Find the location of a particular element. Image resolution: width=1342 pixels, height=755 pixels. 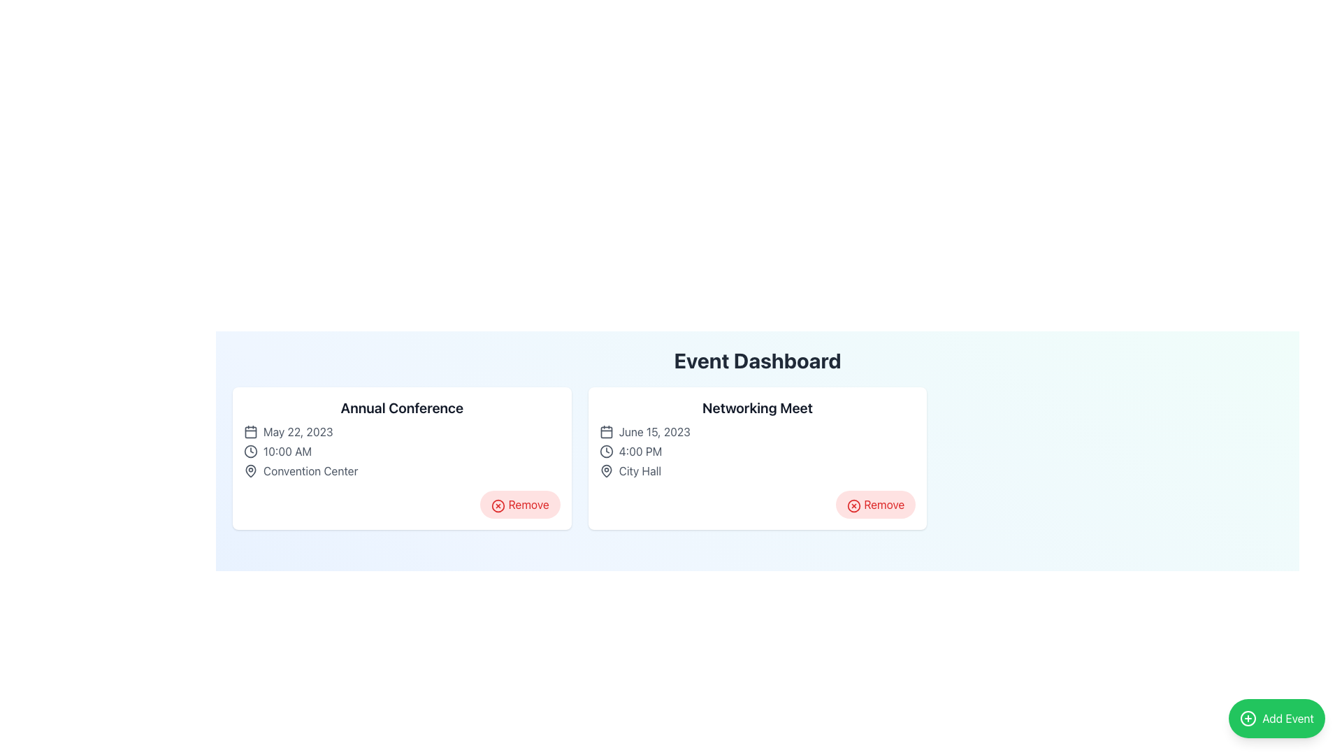

the map pin icon located to the left of the 'City Hall' text in the 'Networking Meet' event card on the event dashboard is located at coordinates (606, 471).